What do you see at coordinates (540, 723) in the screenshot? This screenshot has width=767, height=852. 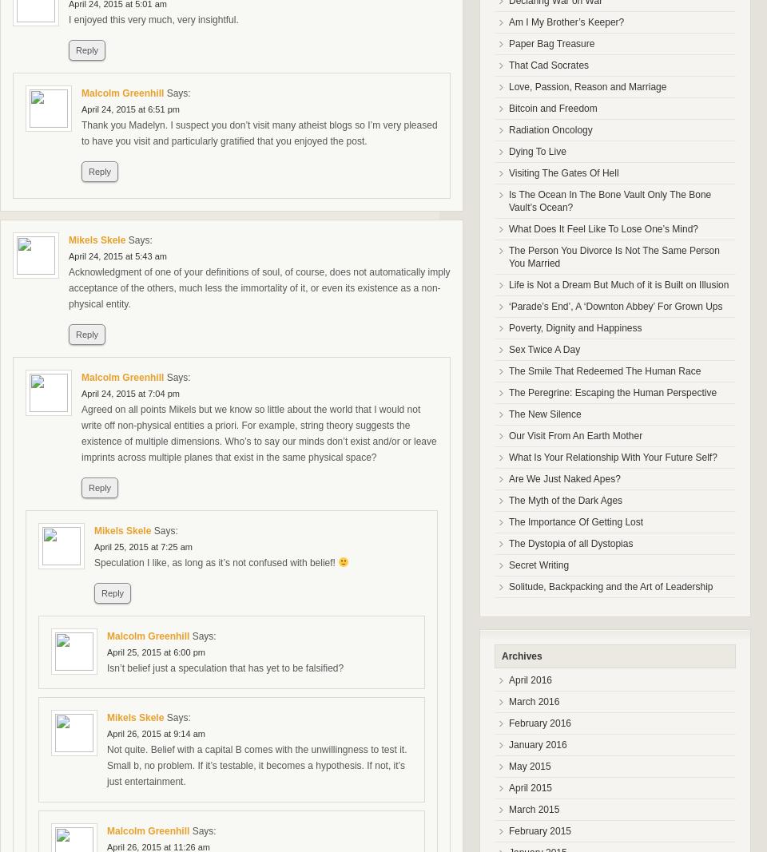 I see `'February 2016'` at bounding box center [540, 723].